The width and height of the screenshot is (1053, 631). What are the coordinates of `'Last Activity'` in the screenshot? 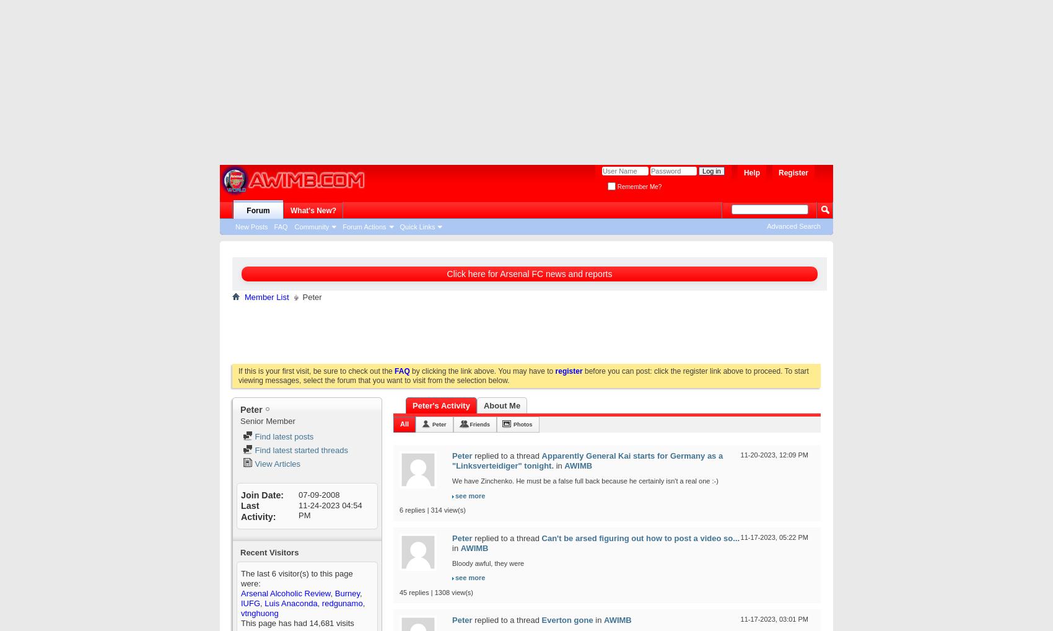 It's located at (256, 510).